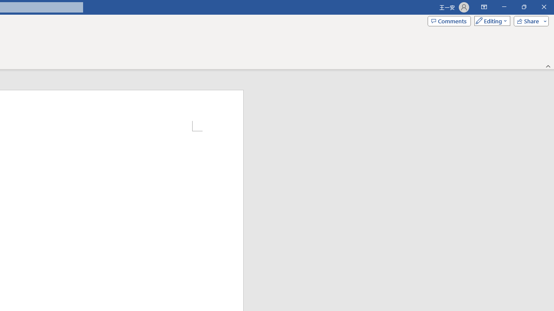 The width and height of the screenshot is (554, 311). What do you see at coordinates (543, 7) in the screenshot?
I see `'Close'` at bounding box center [543, 7].